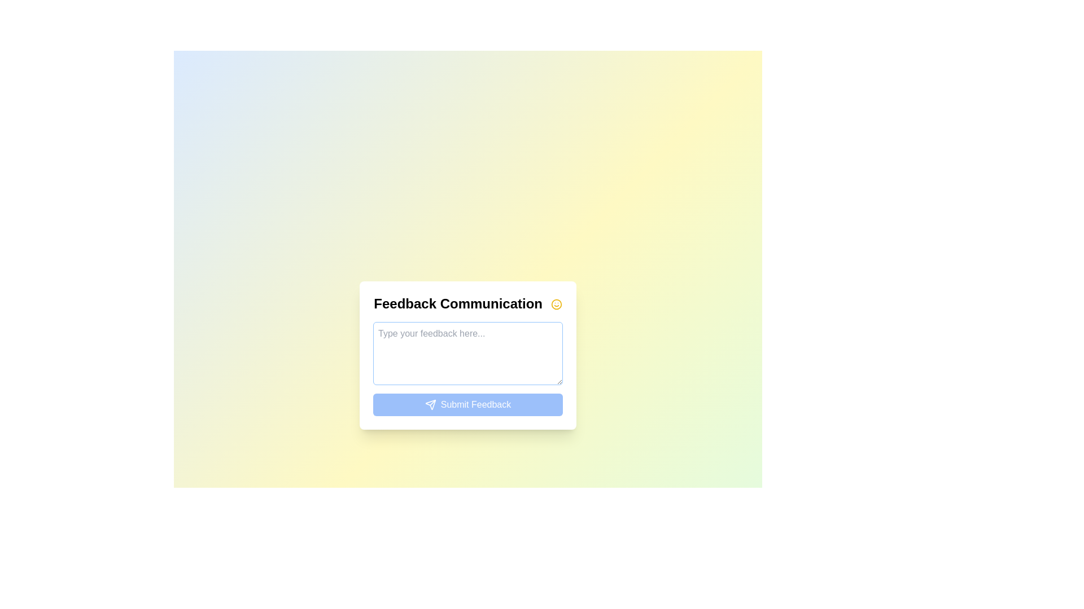 This screenshot has height=609, width=1084. Describe the element at coordinates (430, 404) in the screenshot. I see `the 'Submit Feedback' button by clicking on the SVG icon that represents the action to 'send' or 'submit'` at that location.